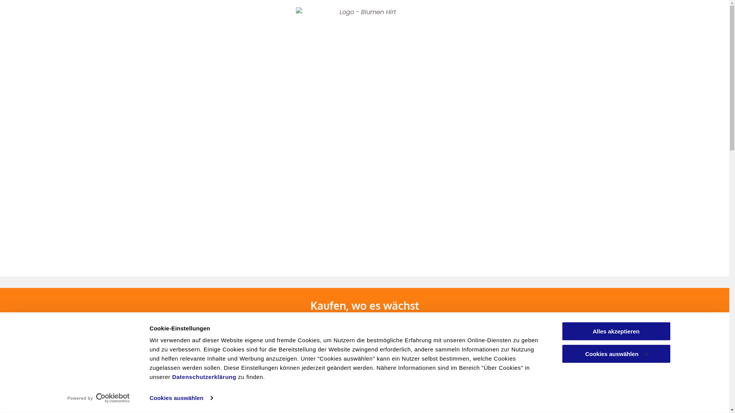  What do you see at coordinates (616, 331) in the screenshot?
I see `'Alles akzeptieren'` at bounding box center [616, 331].